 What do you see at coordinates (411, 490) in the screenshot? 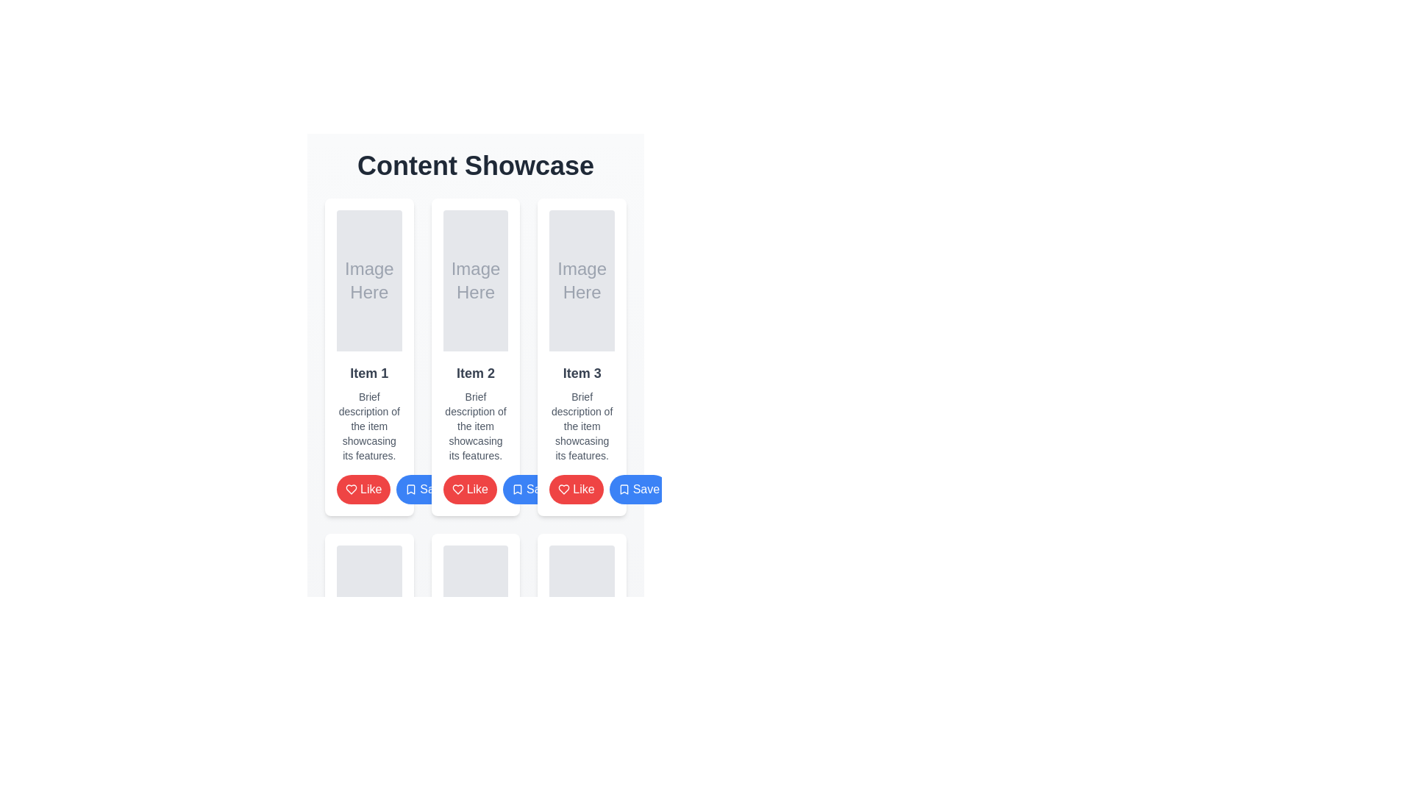
I see `the SVG bookmark icon element associated with the 'Save' button located in the bottom-right of the card labeled 'Item 2'` at bounding box center [411, 490].